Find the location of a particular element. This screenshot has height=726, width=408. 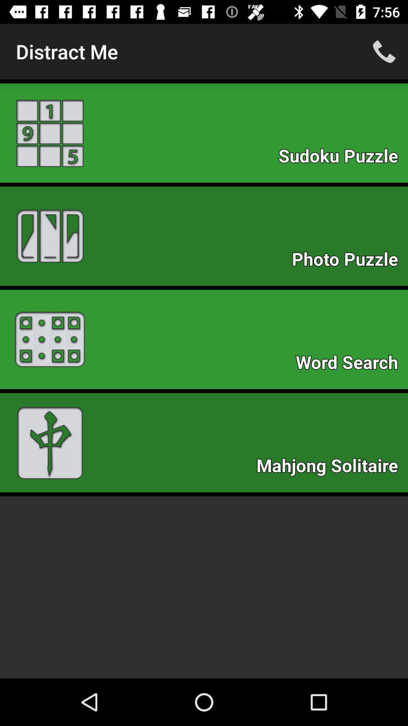

icon next to the distract me is located at coordinates (384, 51).